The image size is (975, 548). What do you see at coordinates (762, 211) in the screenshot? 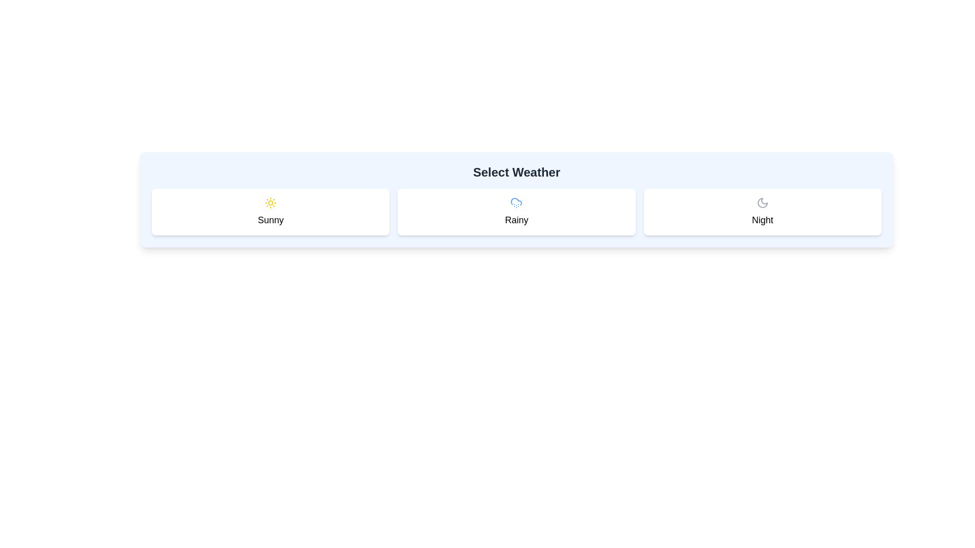
I see `the 'Night' weather option card` at bounding box center [762, 211].